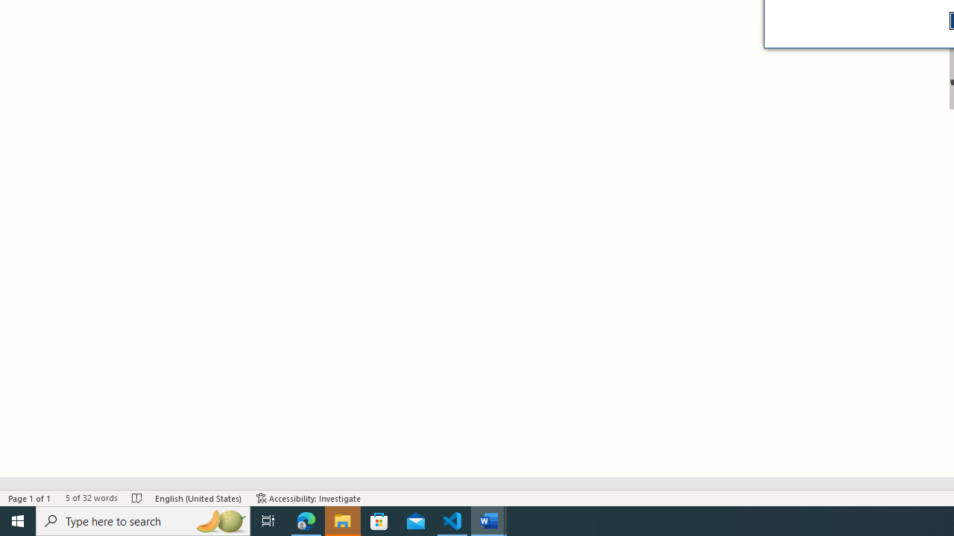  I want to click on 'Accessibility Checker Accessibility: Investigate', so click(308, 498).